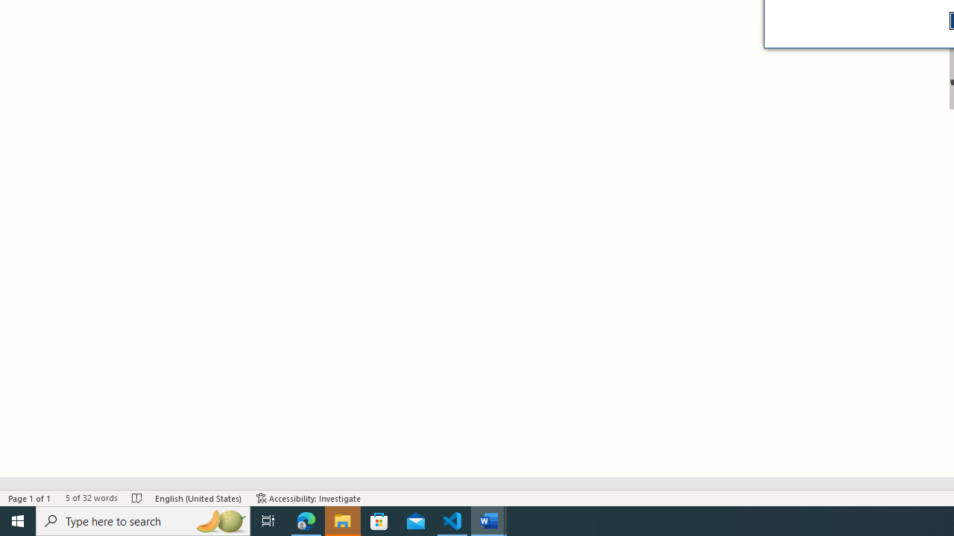  I want to click on 'Accessibility Checker Accessibility: Investigate', so click(308, 498).